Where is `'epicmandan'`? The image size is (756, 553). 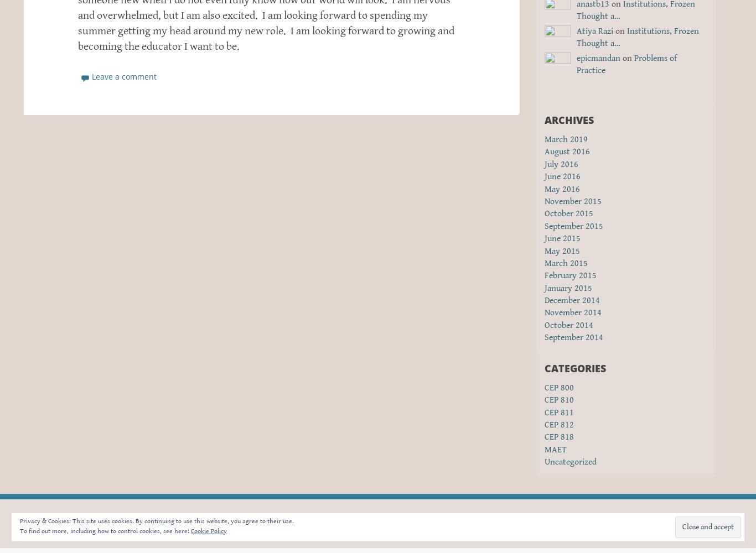
'epicmandan' is located at coordinates (598, 57).